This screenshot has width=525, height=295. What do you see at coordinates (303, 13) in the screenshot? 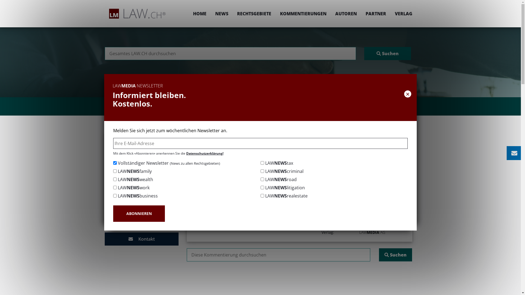
I see `'KOMMENTIERUNGEN'` at bounding box center [303, 13].